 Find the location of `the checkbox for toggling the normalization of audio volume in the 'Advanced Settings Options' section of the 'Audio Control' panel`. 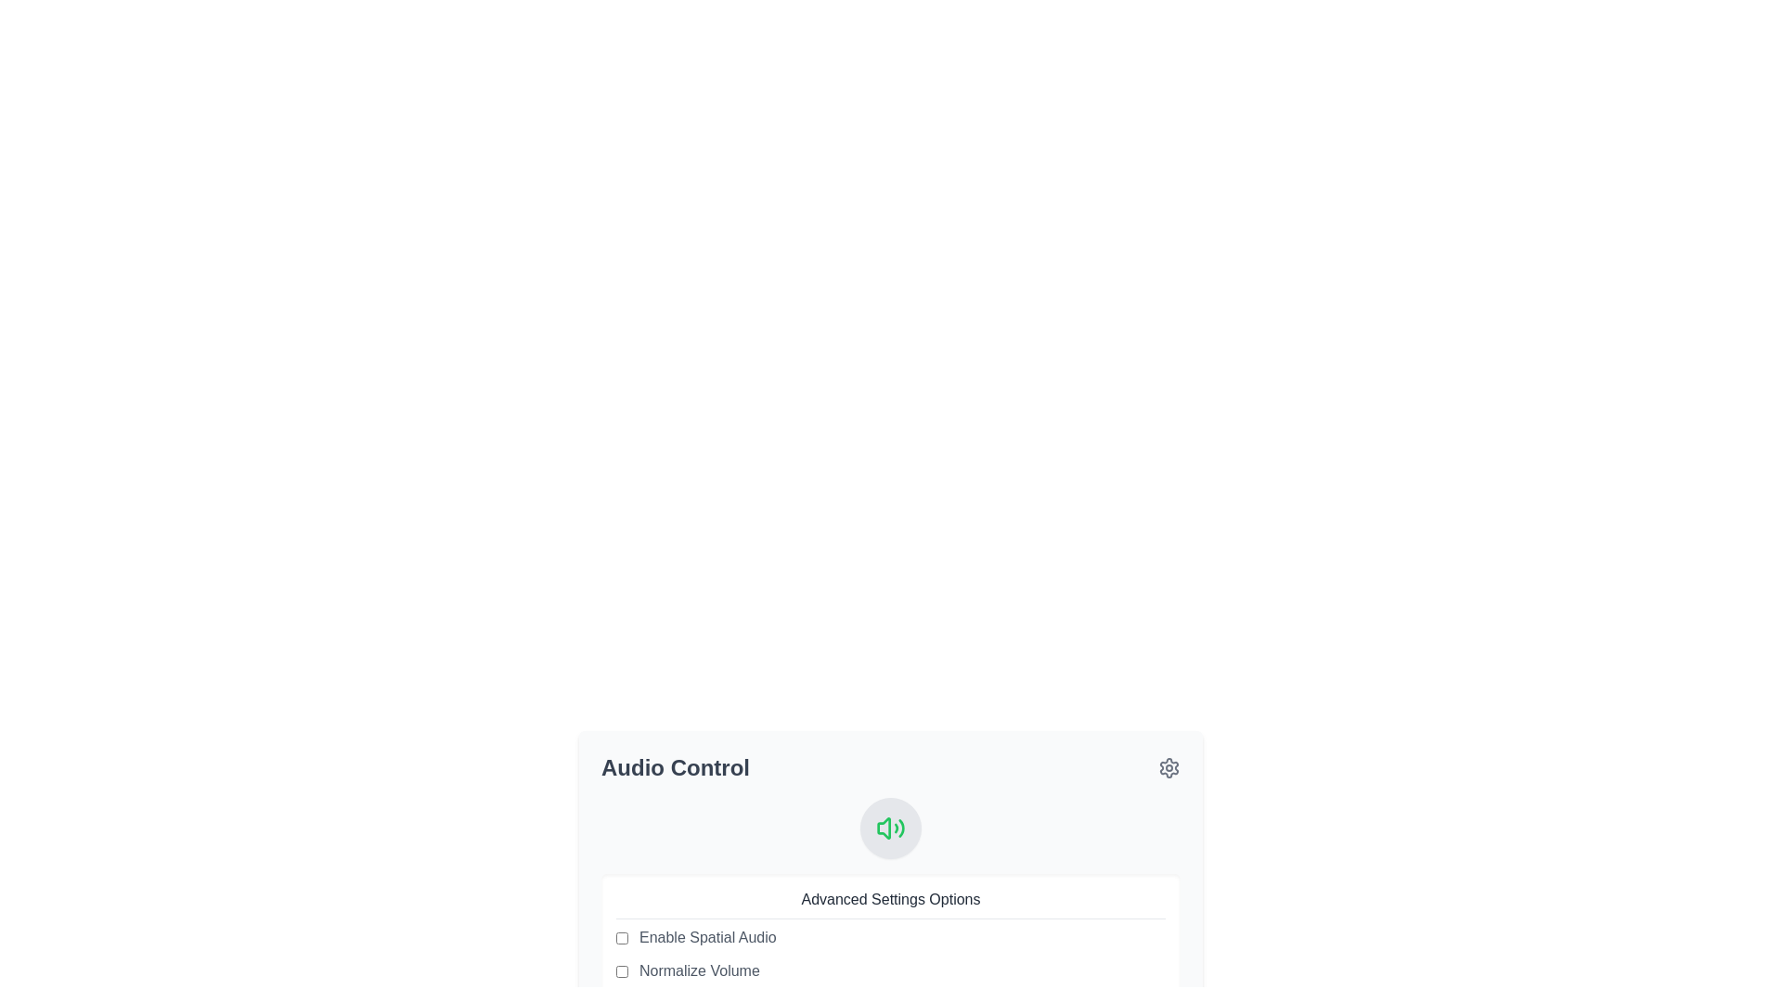

the checkbox for toggling the normalization of audio volume in the 'Advanced Settings Options' section of the 'Audio Control' panel is located at coordinates (891, 970).